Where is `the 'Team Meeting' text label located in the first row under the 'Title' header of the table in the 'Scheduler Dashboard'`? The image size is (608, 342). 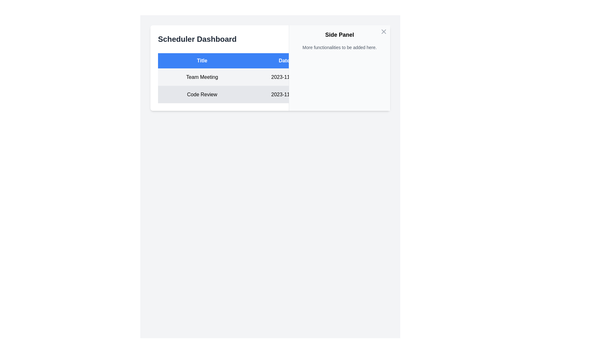 the 'Team Meeting' text label located in the first row under the 'Title' header of the table in the 'Scheduler Dashboard' is located at coordinates (202, 77).